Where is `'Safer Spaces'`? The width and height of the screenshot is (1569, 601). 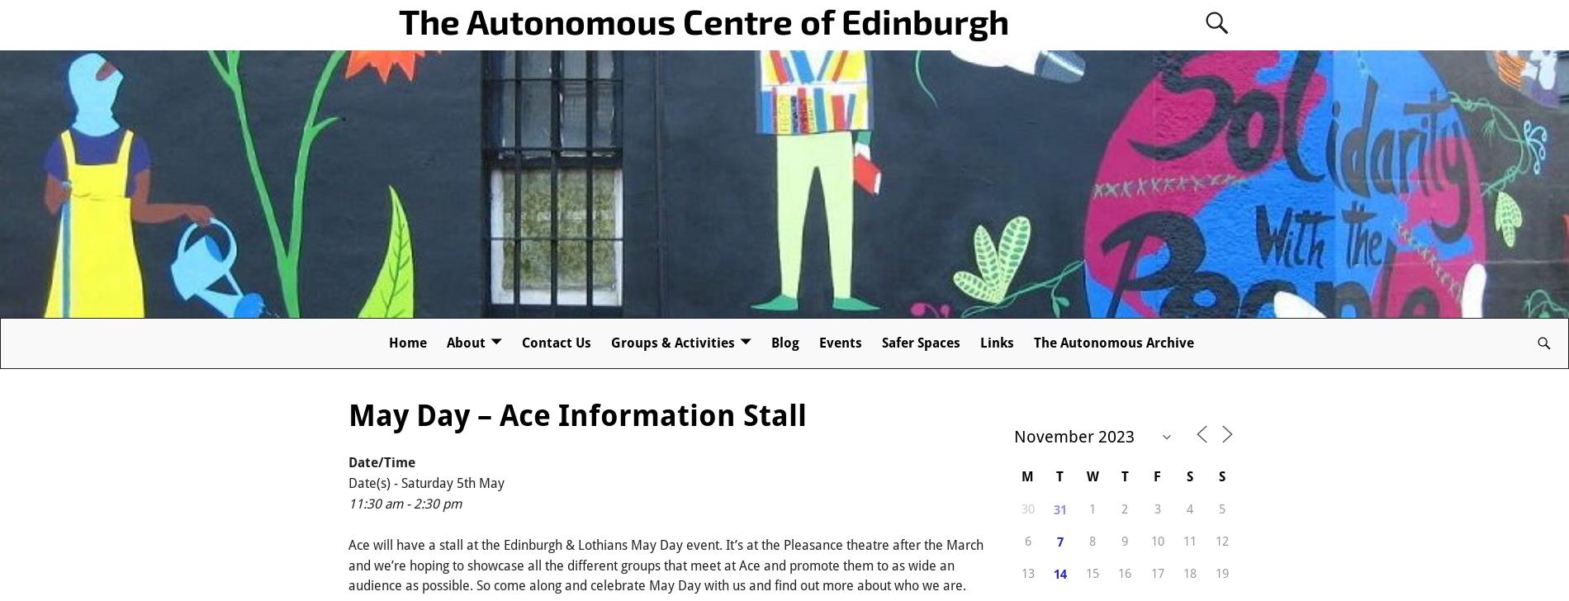 'Safer Spaces' is located at coordinates (920, 343).